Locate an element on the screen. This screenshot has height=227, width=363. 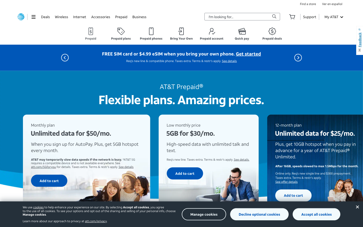
View the "Quick Pay" section is located at coordinates (242, 34).